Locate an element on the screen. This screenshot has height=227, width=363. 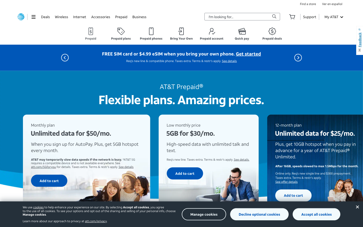
View the "Quick Pay" section is located at coordinates (242, 34).